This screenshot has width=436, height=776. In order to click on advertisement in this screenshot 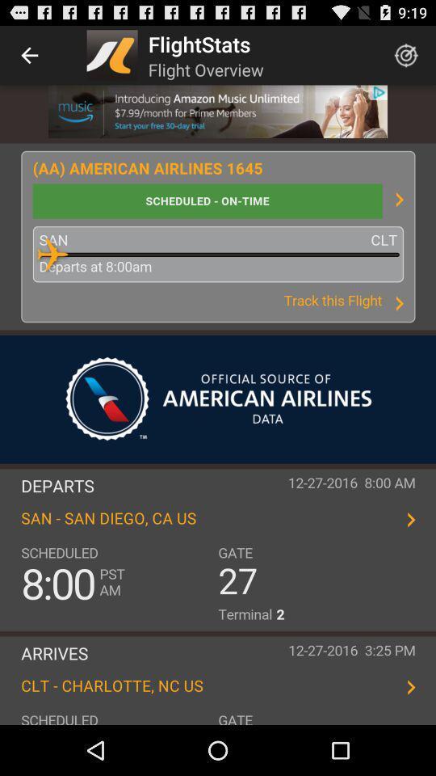, I will do `click(218, 110)`.